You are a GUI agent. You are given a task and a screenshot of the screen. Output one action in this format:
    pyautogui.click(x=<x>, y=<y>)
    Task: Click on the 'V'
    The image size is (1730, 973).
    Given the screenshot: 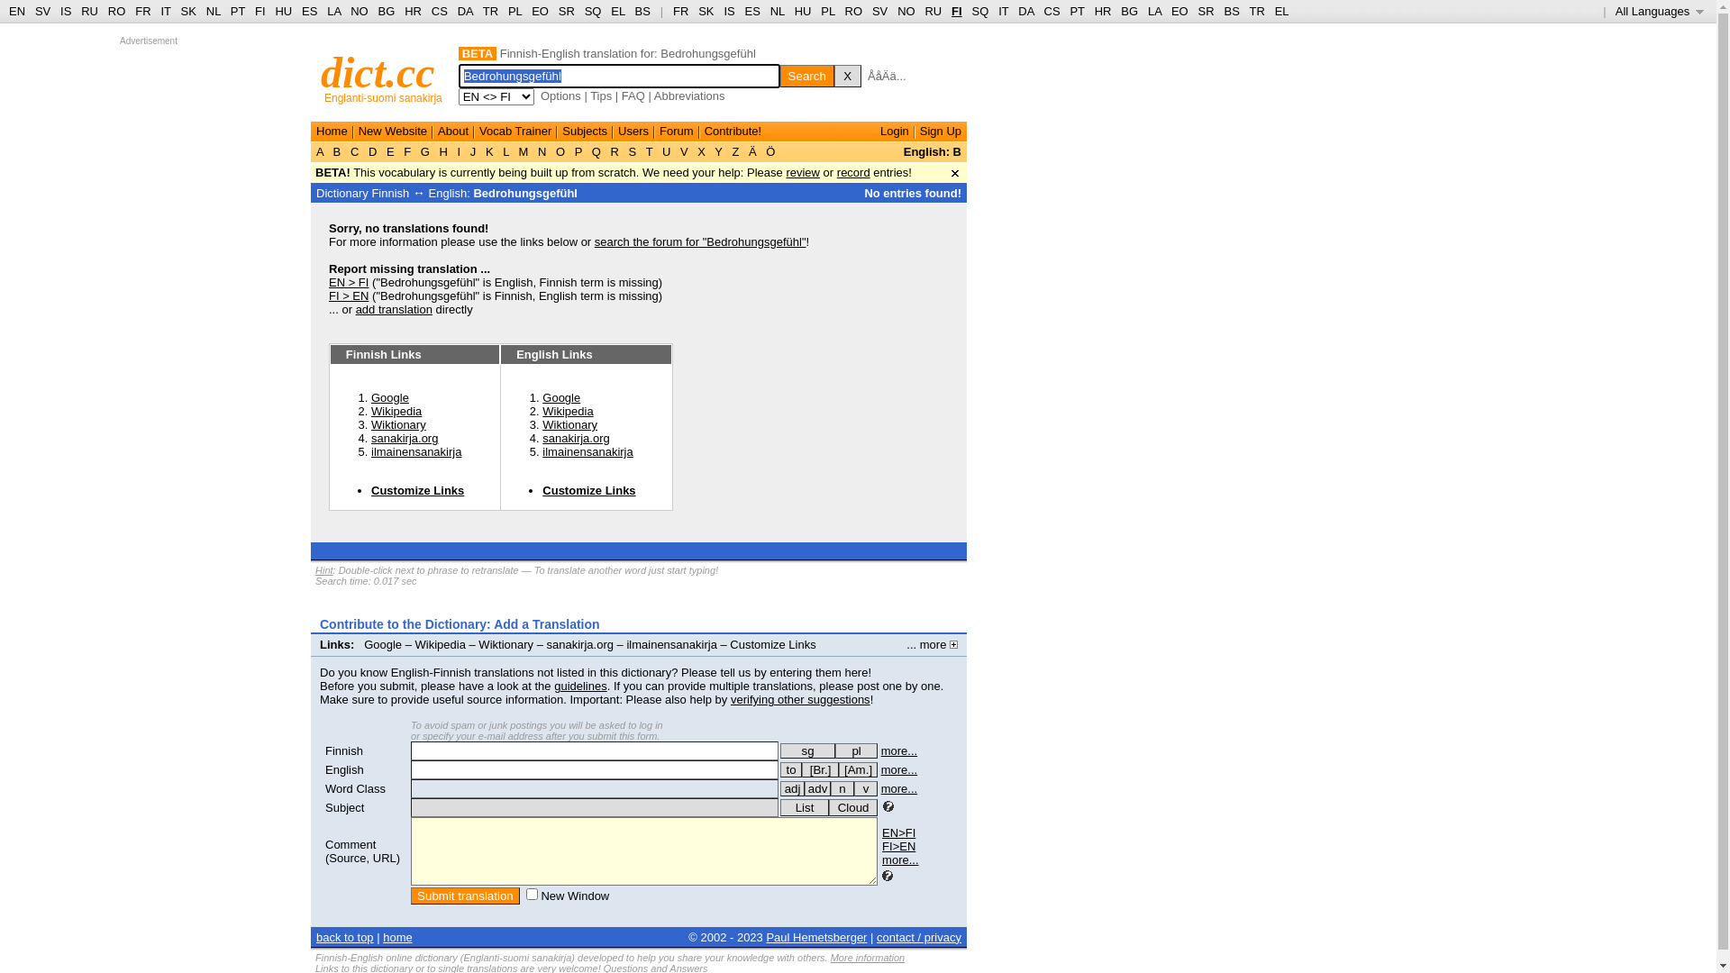 What is the action you would take?
    pyautogui.click(x=675, y=150)
    